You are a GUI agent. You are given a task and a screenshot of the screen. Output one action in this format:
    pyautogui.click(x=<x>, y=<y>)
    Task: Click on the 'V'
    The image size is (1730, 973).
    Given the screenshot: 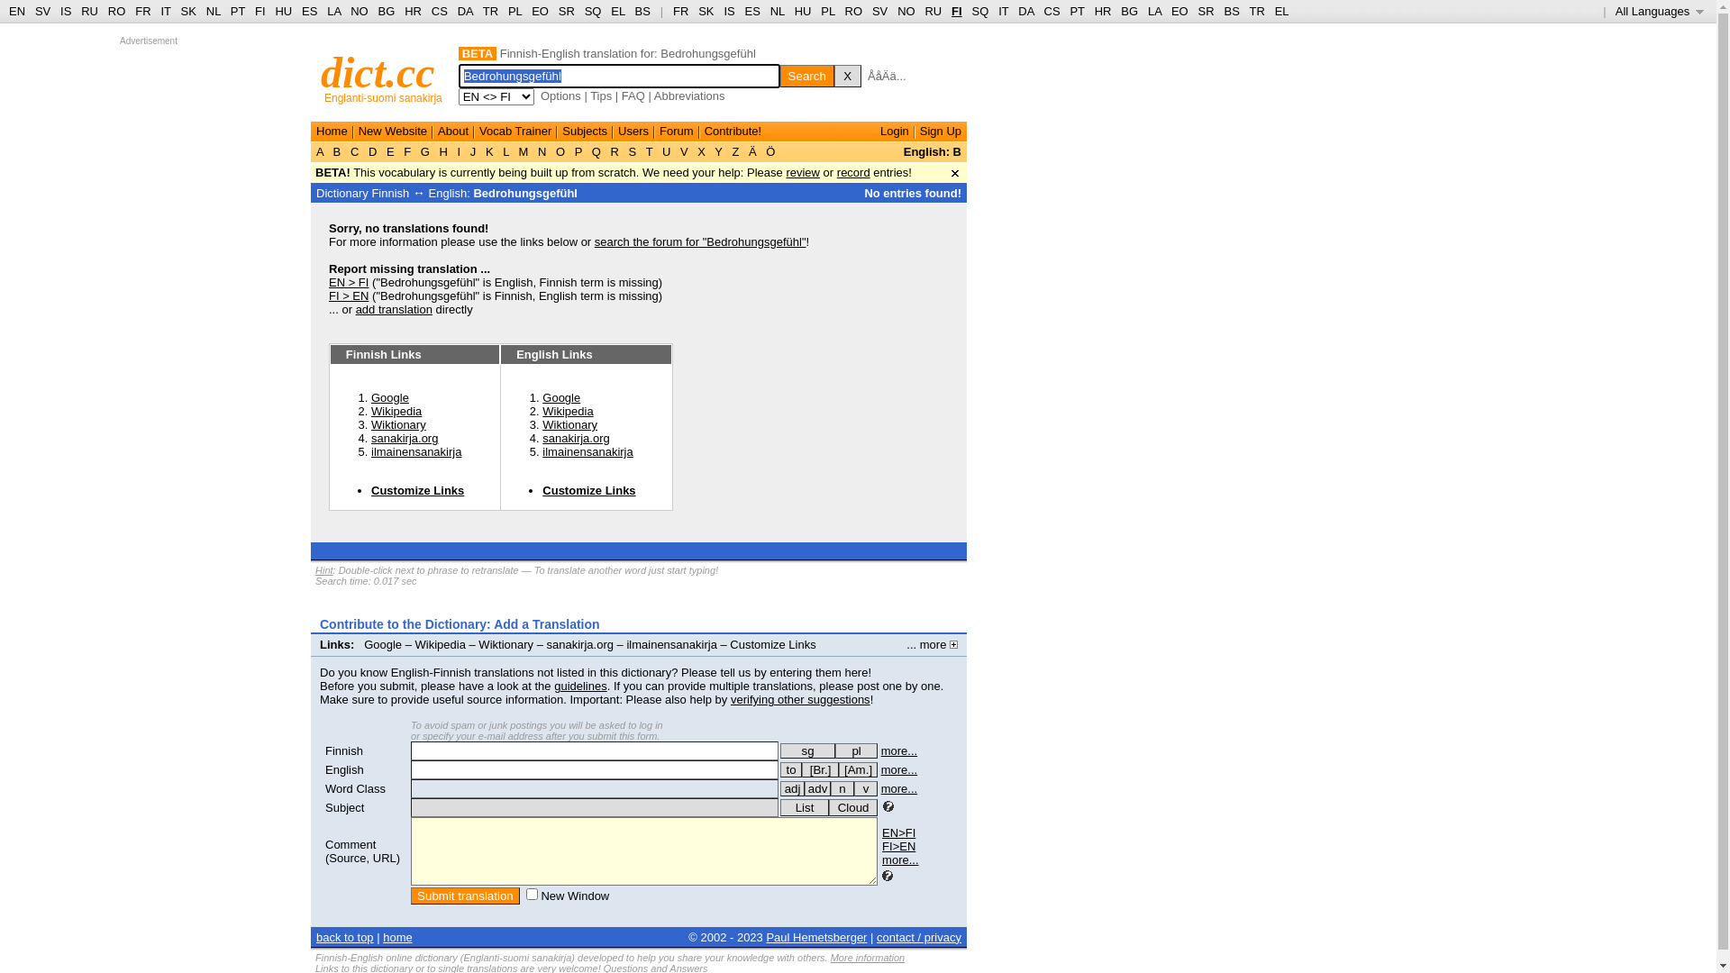 What is the action you would take?
    pyautogui.click(x=675, y=150)
    